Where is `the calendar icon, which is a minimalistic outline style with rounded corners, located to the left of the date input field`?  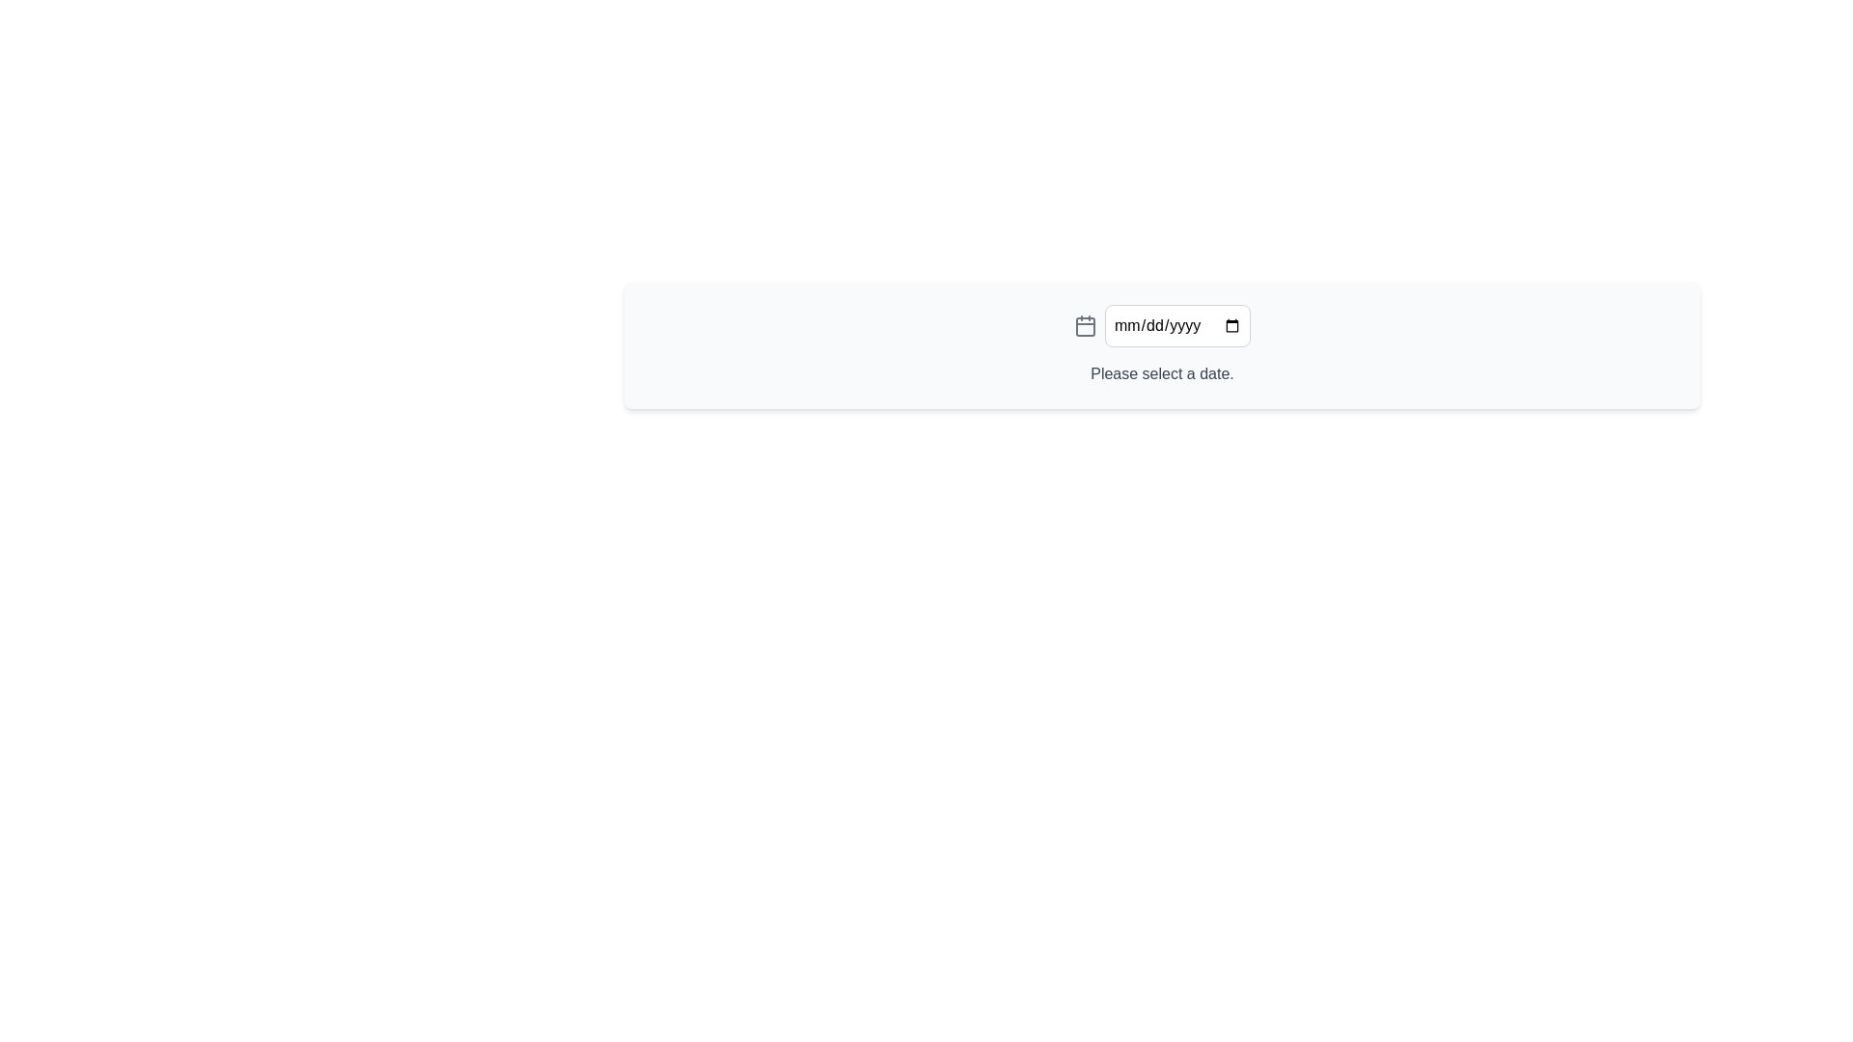
the calendar icon, which is a minimalistic outline style with rounded corners, located to the left of the date input field is located at coordinates (1085, 325).